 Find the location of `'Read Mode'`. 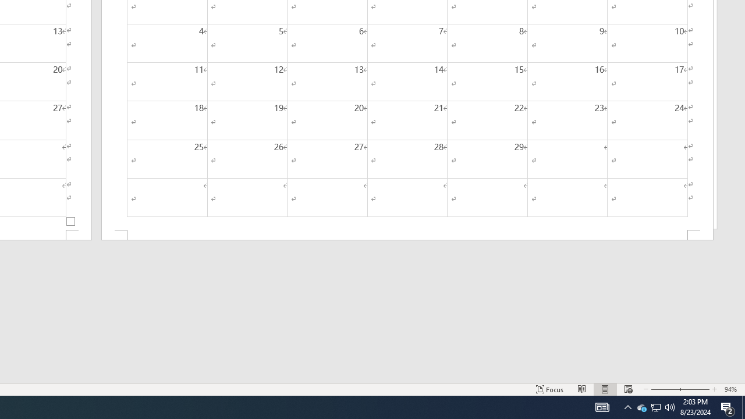

'Read Mode' is located at coordinates (582, 389).